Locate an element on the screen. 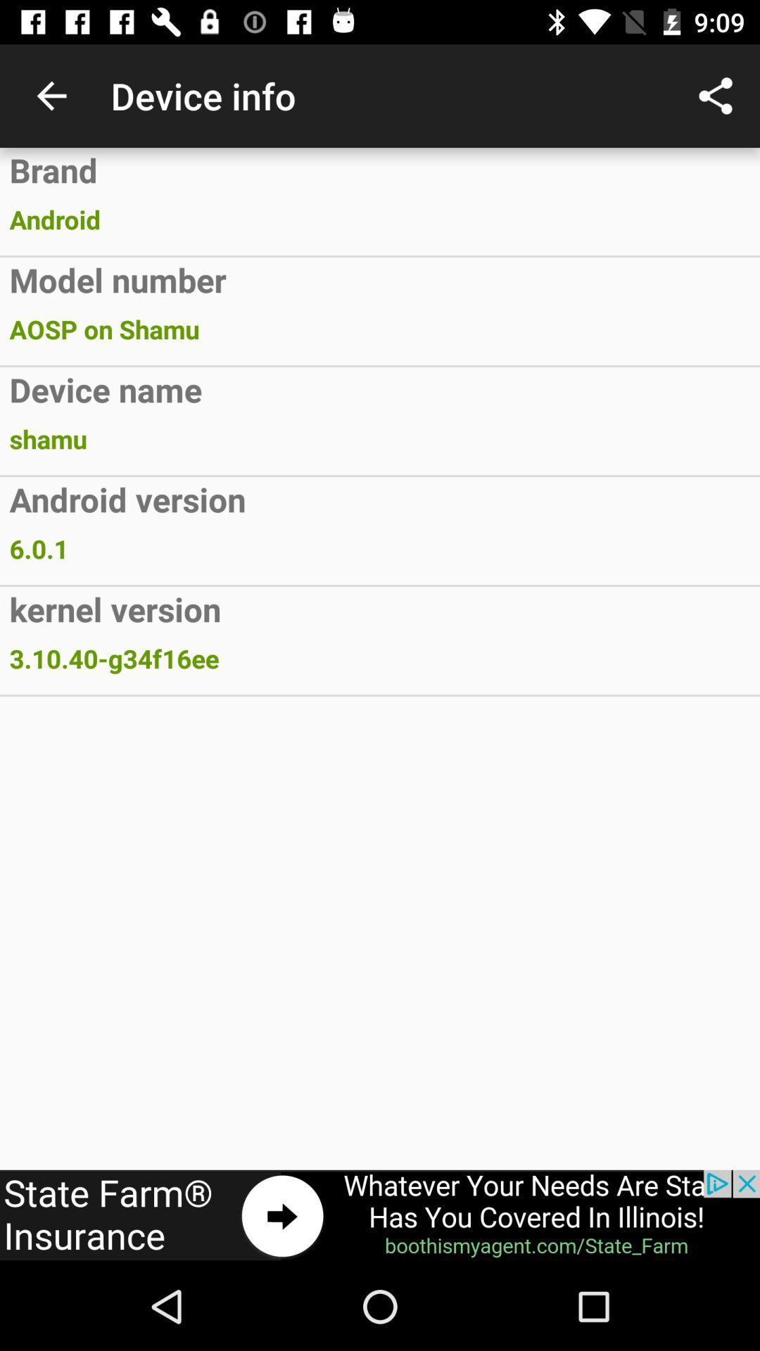 This screenshot has height=1351, width=760. advertisement website is located at coordinates (380, 1215).